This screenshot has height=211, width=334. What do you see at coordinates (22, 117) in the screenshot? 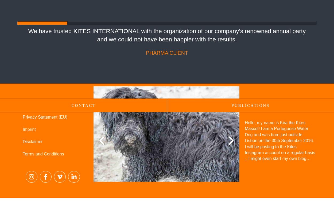
I see `'Privacy Statement (EU)'` at bounding box center [22, 117].